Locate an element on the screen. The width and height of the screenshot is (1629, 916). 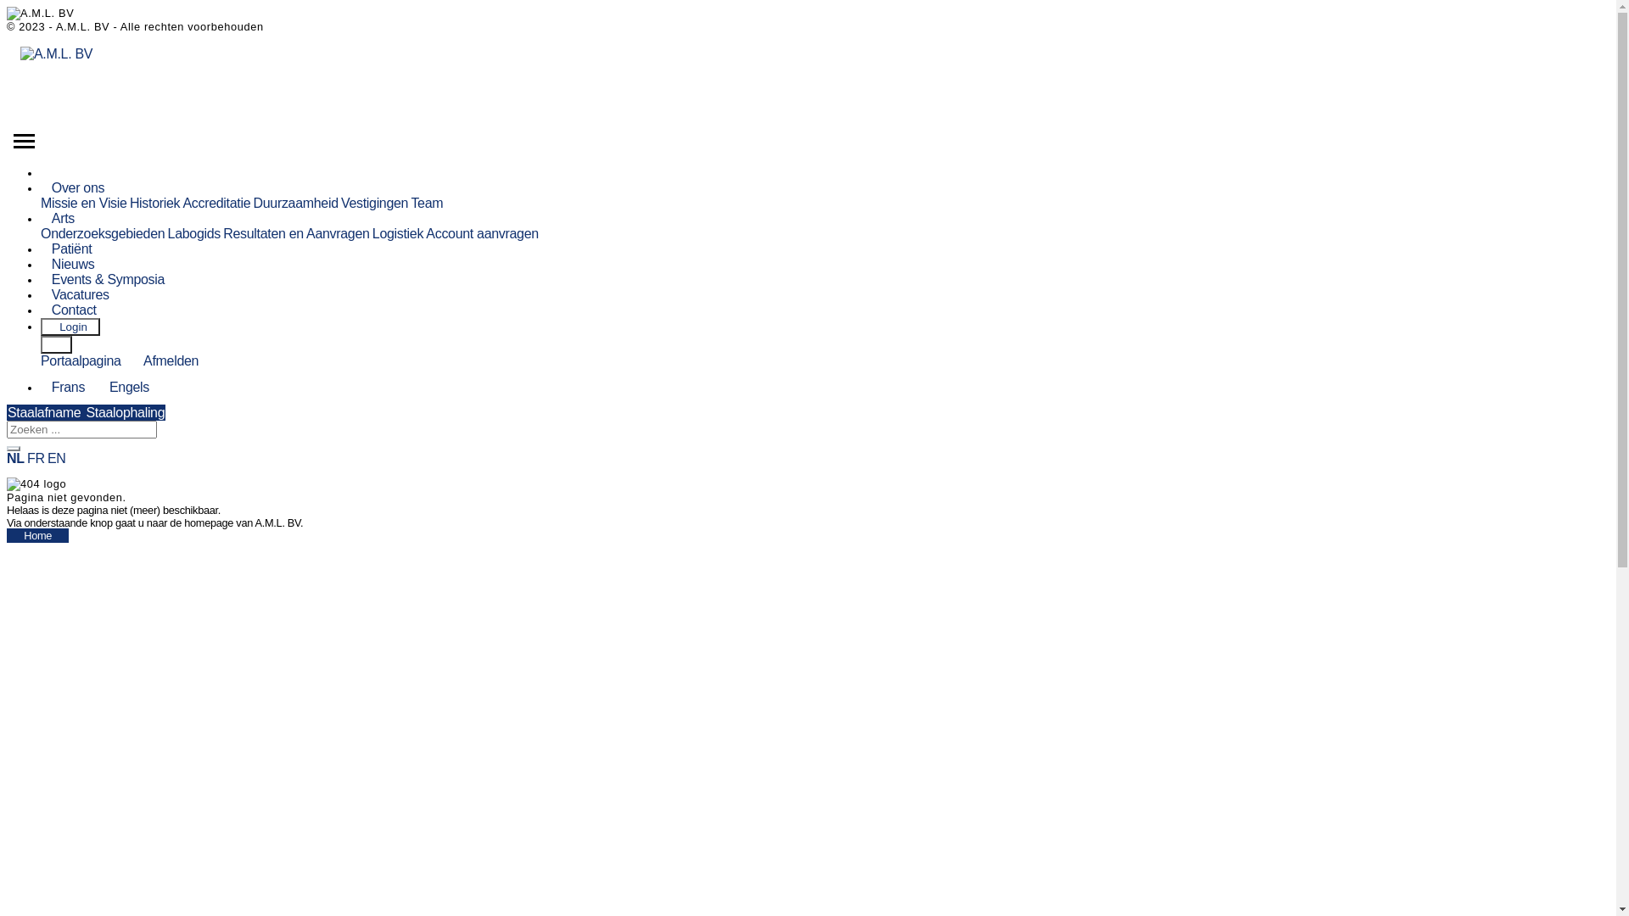
'Over ons' is located at coordinates (76, 187).